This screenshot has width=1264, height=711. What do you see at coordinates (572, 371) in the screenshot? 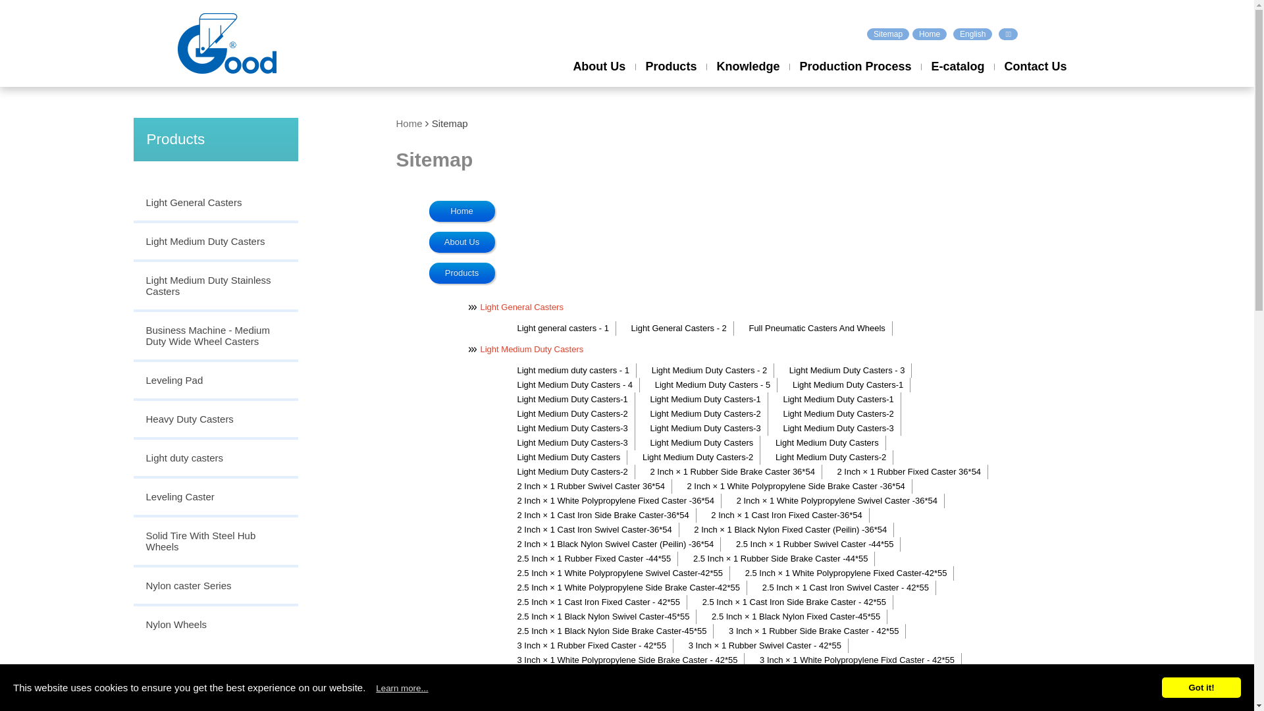
I see `'Light medium duty casters - 1'` at bounding box center [572, 371].